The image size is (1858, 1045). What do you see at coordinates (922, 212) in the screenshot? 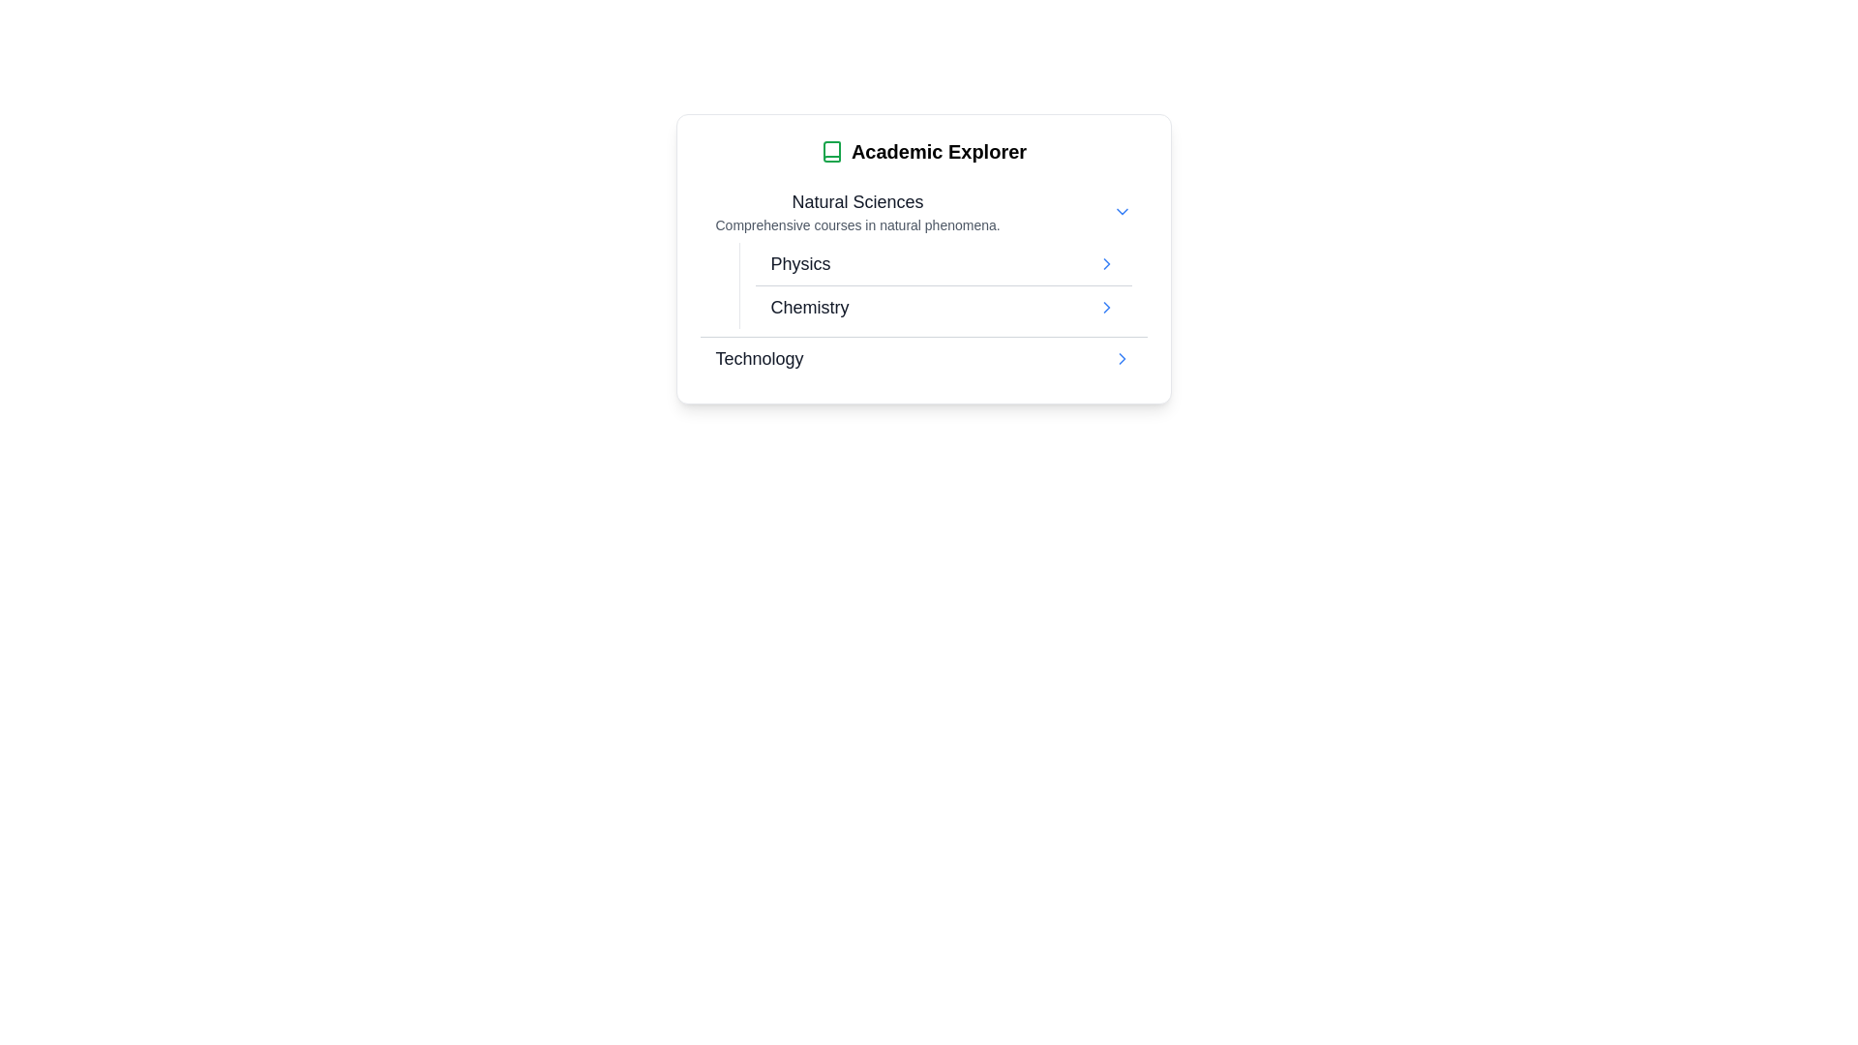
I see `the 'Natural Sciences' category item with the expandable icon` at bounding box center [922, 212].